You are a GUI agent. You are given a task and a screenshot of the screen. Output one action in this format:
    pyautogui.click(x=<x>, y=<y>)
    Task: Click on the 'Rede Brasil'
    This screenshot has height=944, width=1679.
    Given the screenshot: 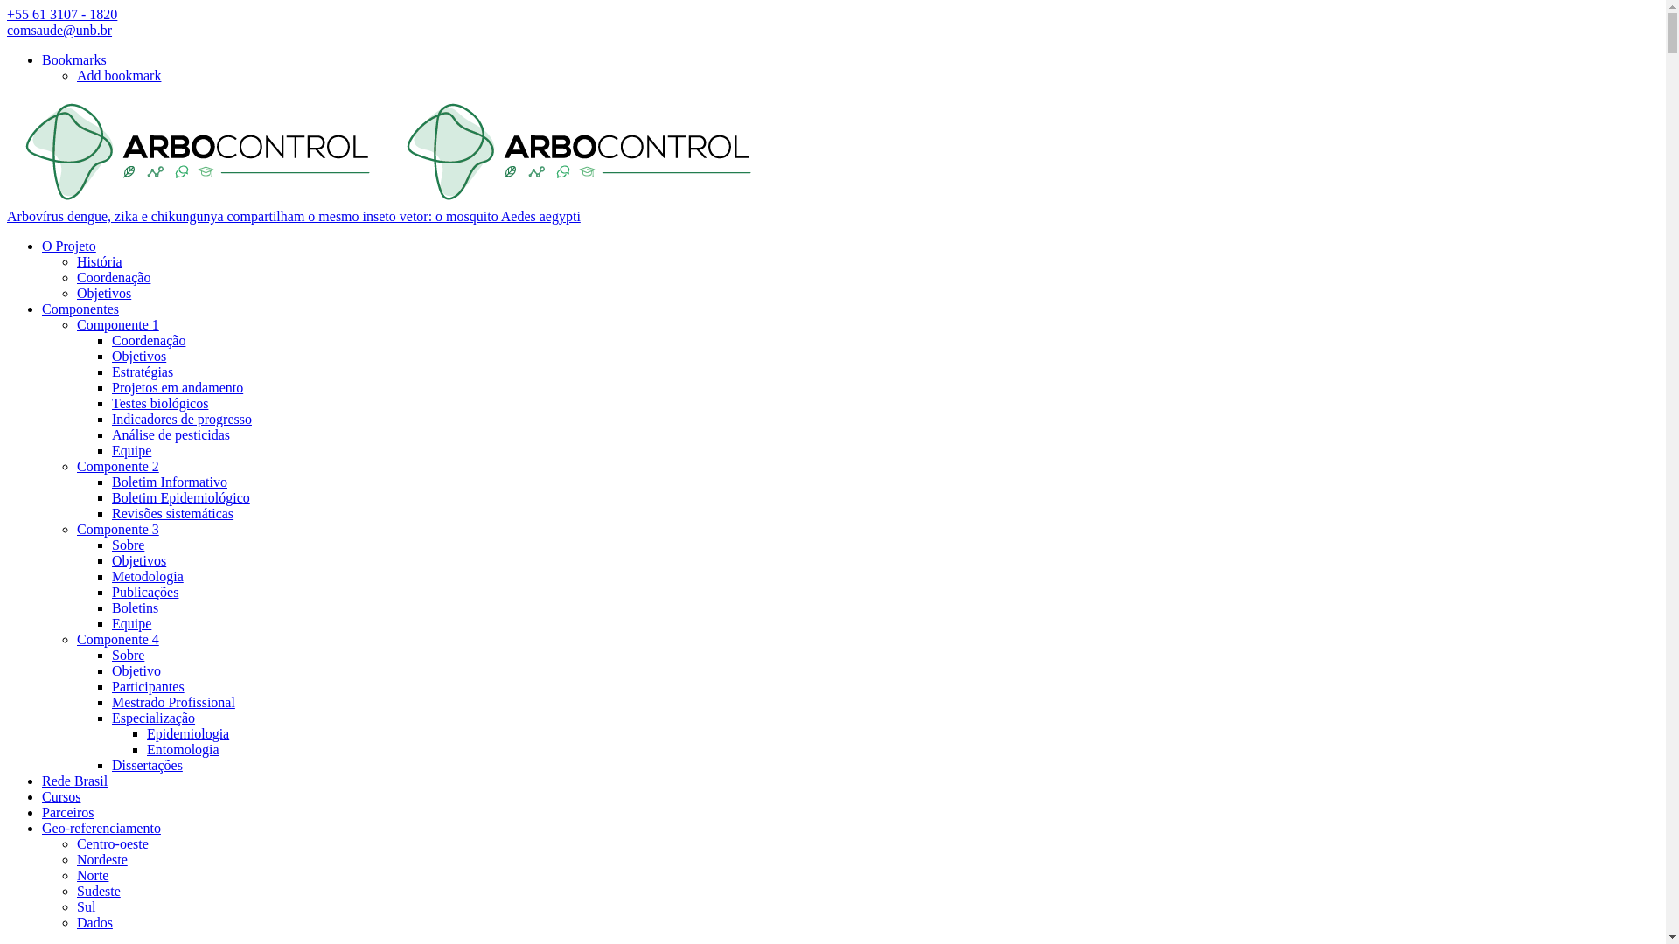 What is the action you would take?
    pyautogui.click(x=42, y=780)
    